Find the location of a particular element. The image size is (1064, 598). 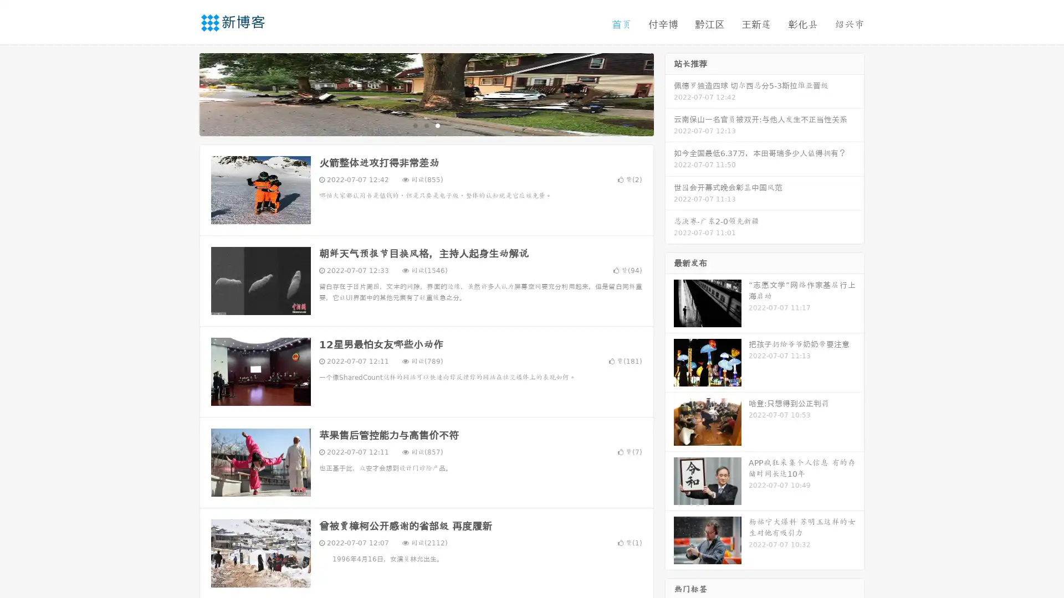

Go to slide 3 is located at coordinates (437, 125).